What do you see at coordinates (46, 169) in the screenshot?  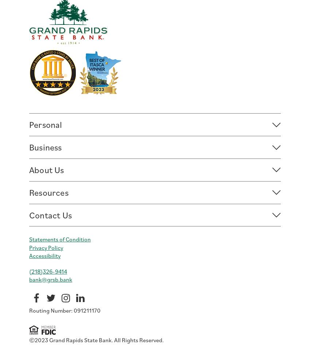 I see `'About Us'` at bounding box center [46, 169].